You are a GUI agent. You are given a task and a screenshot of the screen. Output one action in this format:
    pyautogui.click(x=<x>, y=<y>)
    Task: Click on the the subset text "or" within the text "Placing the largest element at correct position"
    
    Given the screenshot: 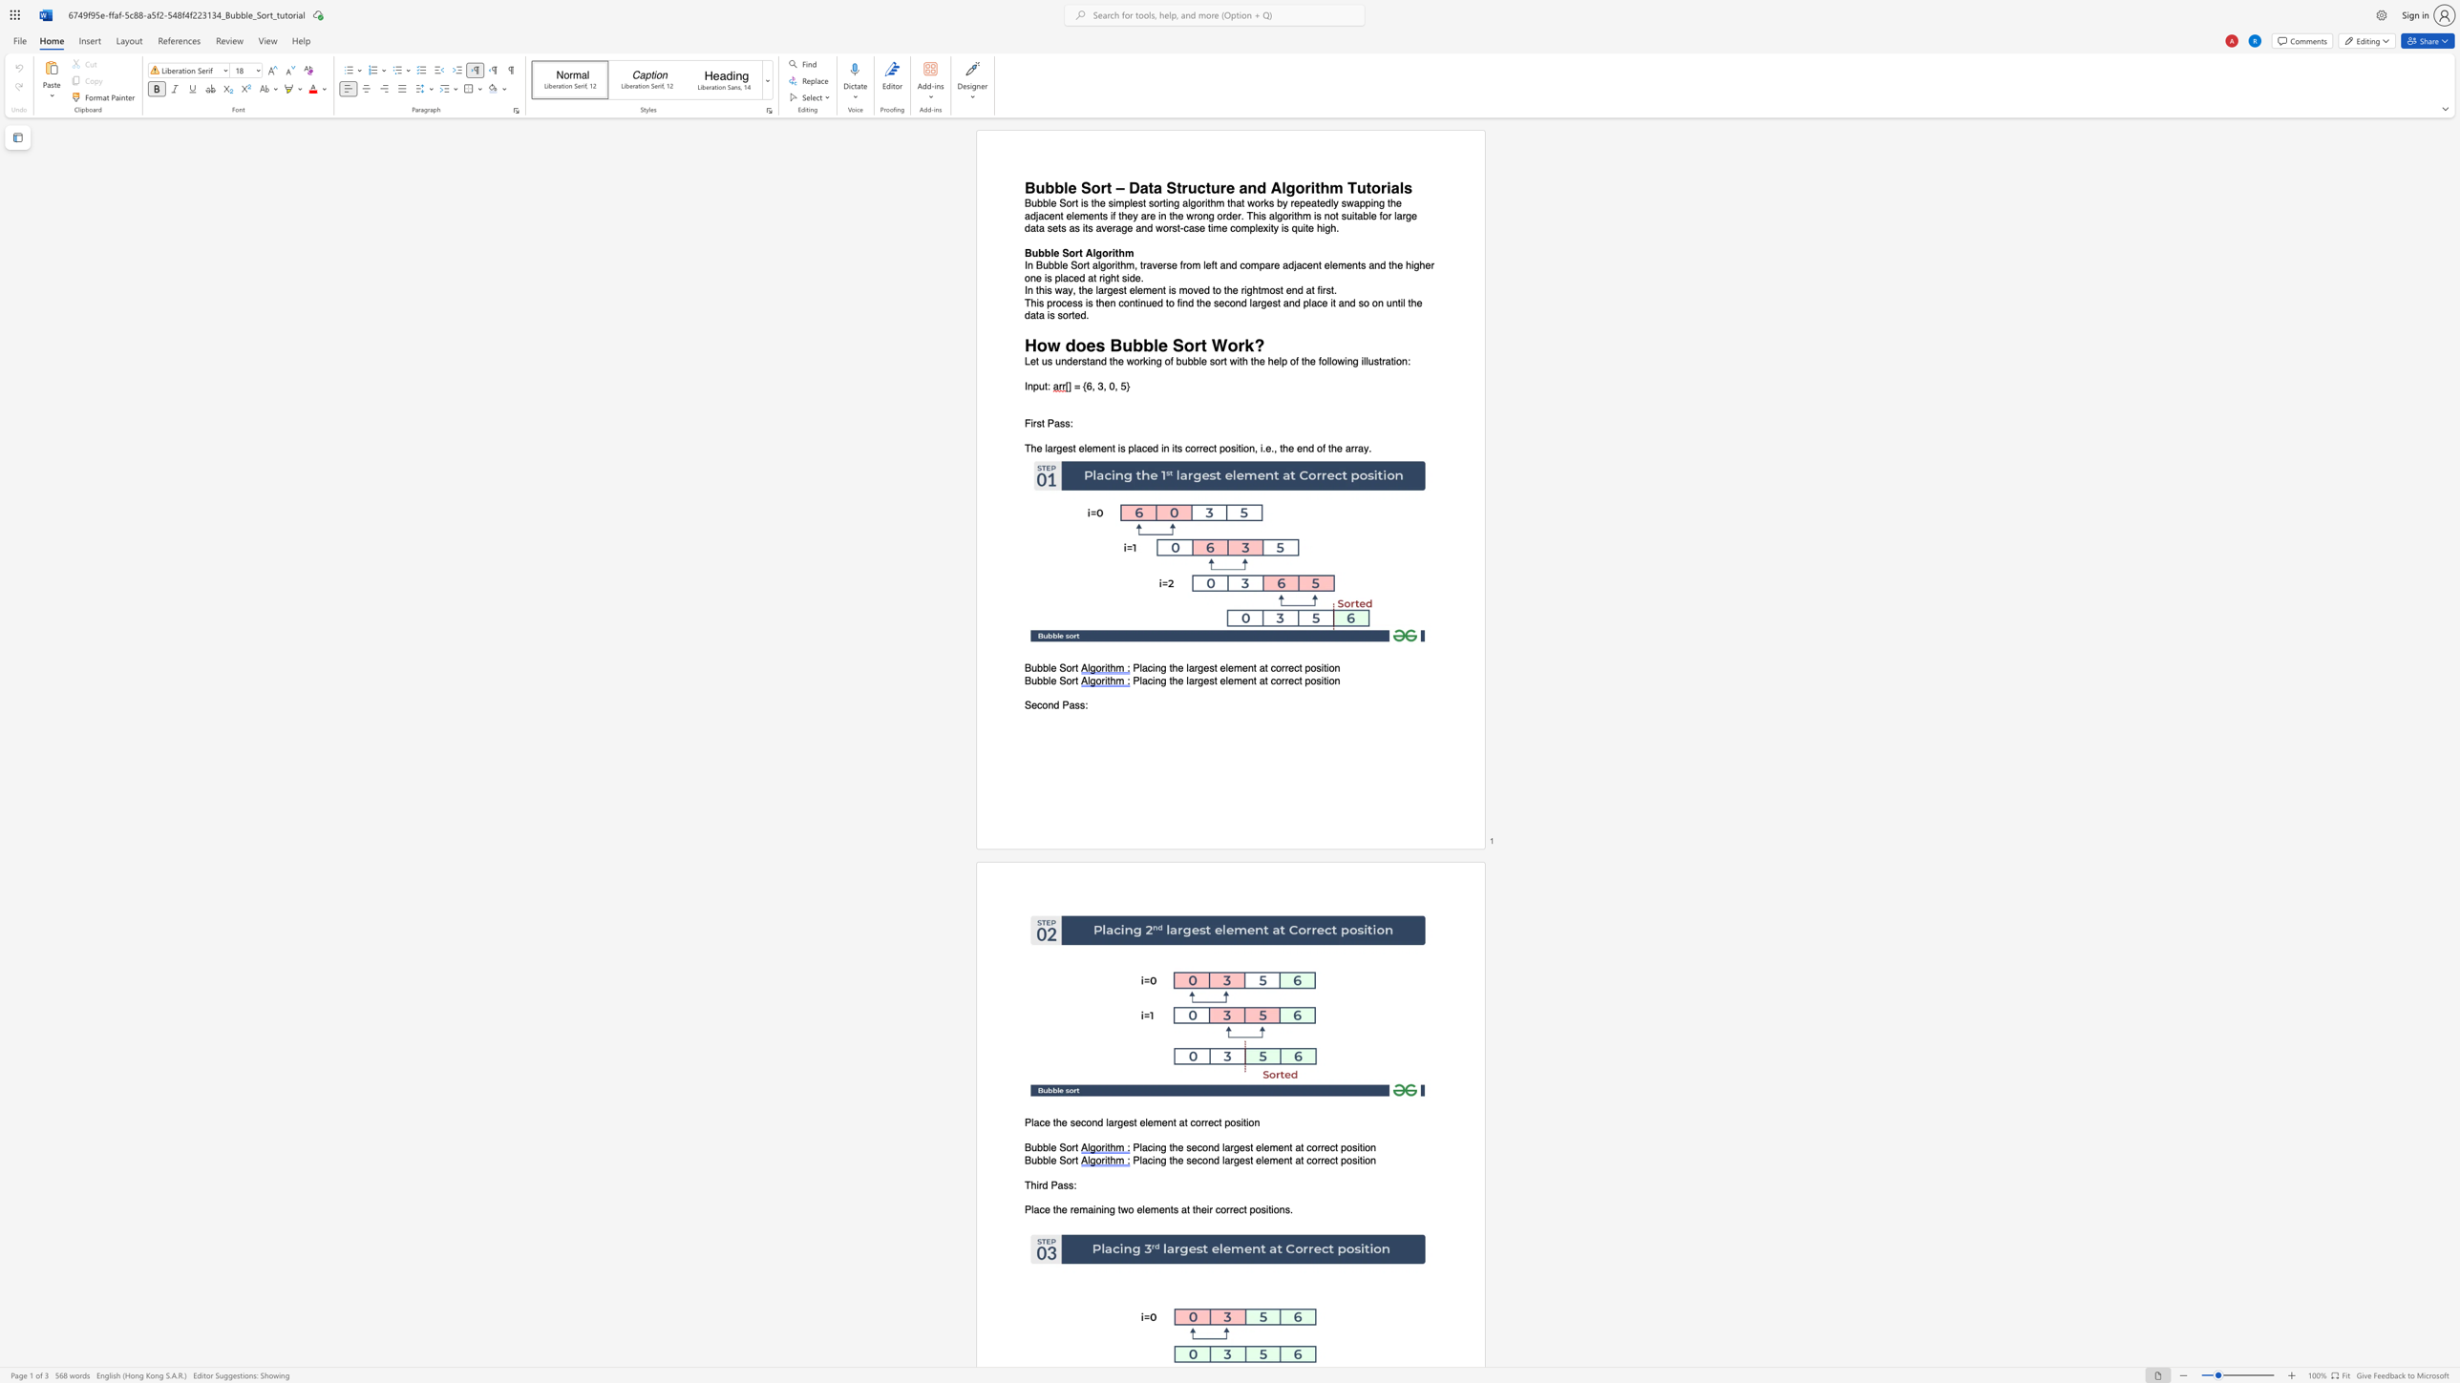 What is the action you would take?
    pyautogui.click(x=1275, y=680)
    